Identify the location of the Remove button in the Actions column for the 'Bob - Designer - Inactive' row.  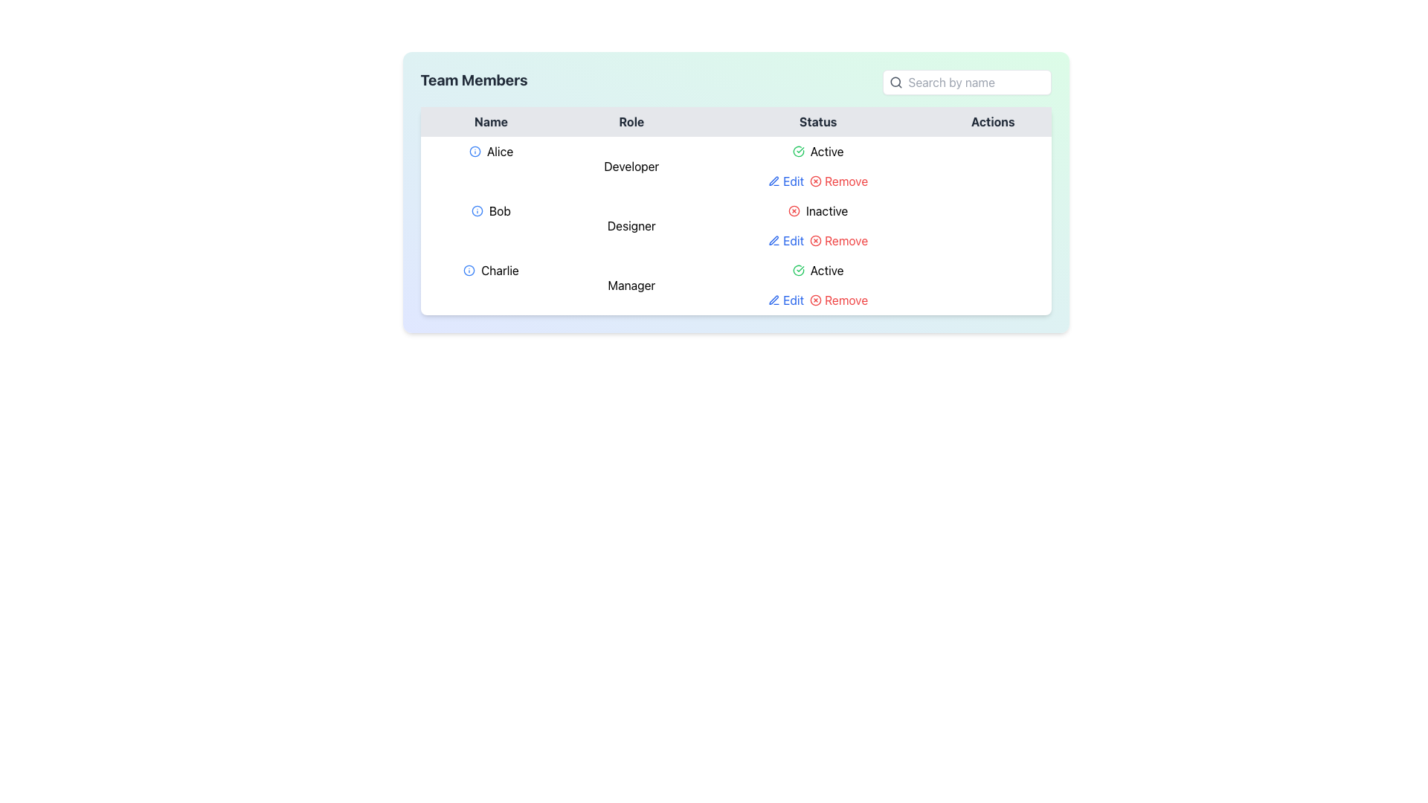
(815, 300).